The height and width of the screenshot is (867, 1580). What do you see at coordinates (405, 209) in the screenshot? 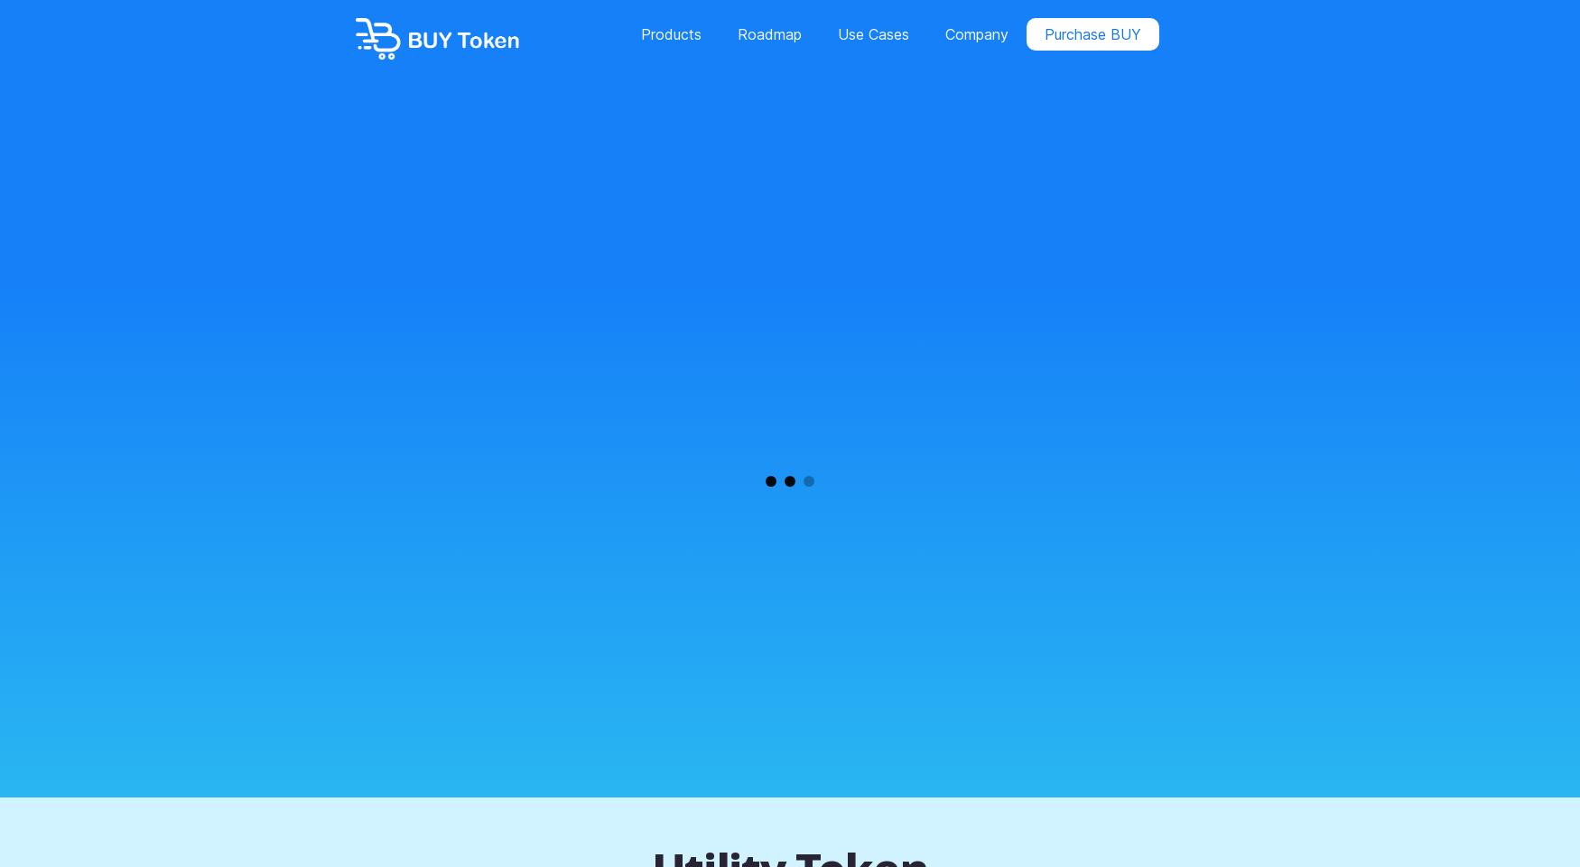
I see `'Physicians Telehealth'` at bounding box center [405, 209].